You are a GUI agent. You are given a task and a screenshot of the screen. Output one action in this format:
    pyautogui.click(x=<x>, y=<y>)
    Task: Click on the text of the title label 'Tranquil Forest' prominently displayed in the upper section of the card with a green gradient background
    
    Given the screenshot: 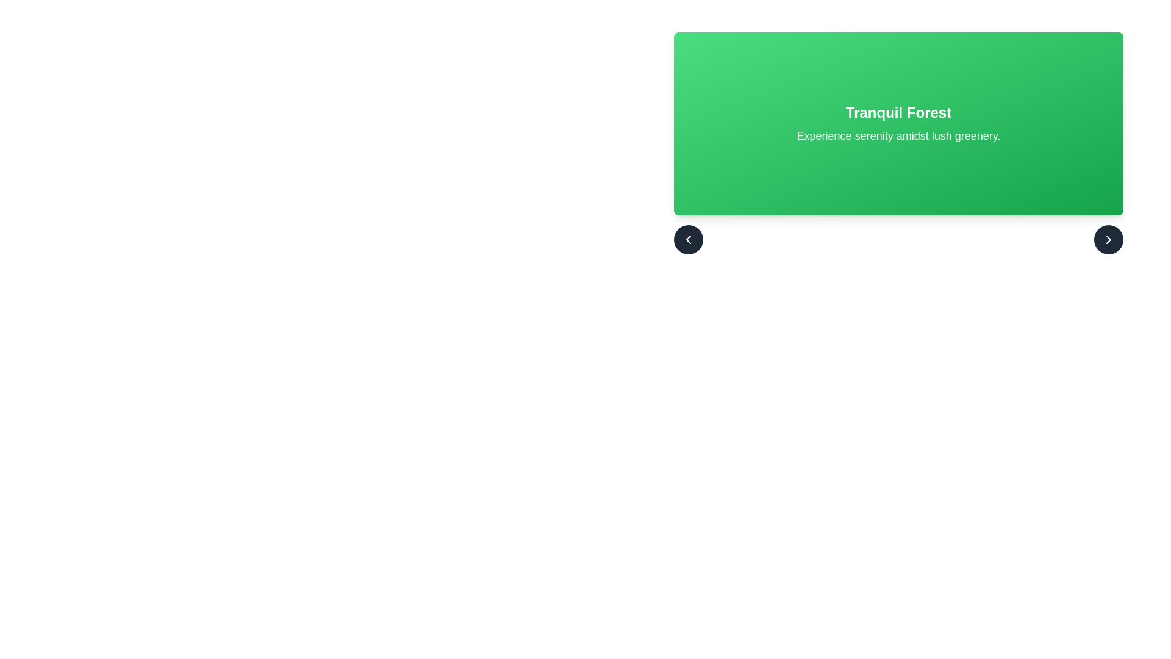 What is the action you would take?
    pyautogui.click(x=898, y=113)
    